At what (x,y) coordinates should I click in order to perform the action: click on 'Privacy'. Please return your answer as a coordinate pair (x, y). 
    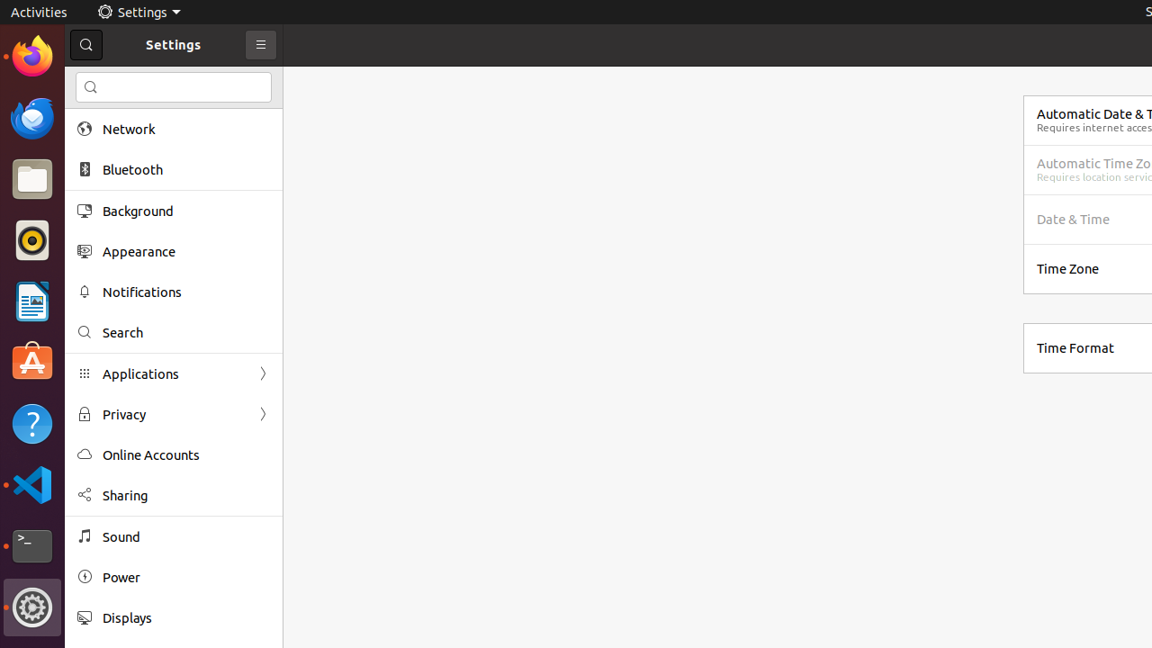
    Looking at the image, I should click on (174, 414).